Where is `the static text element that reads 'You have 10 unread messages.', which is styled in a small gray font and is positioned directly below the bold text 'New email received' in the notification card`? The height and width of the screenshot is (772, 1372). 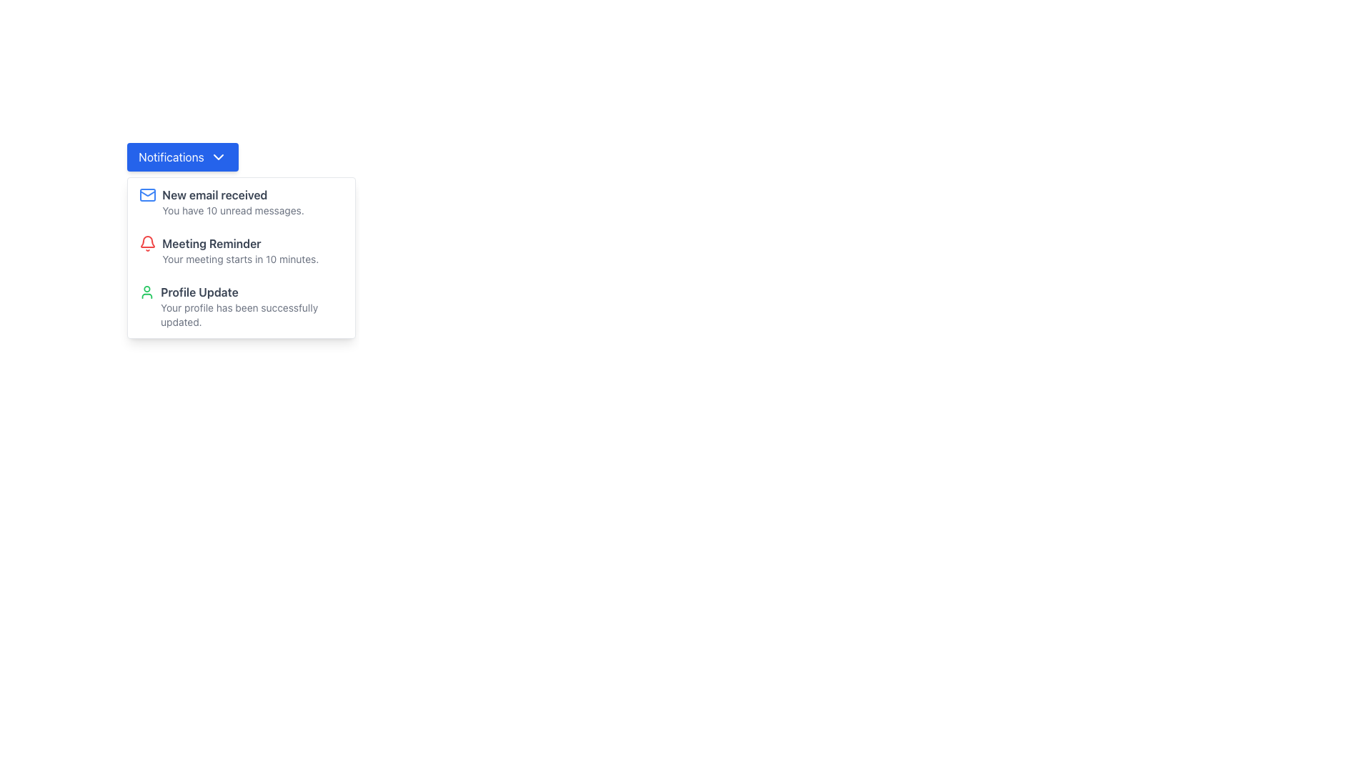 the static text element that reads 'You have 10 unread messages.', which is styled in a small gray font and is positioned directly below the bold text 'New email received' in the notification card is located at coordinates (233, 210).